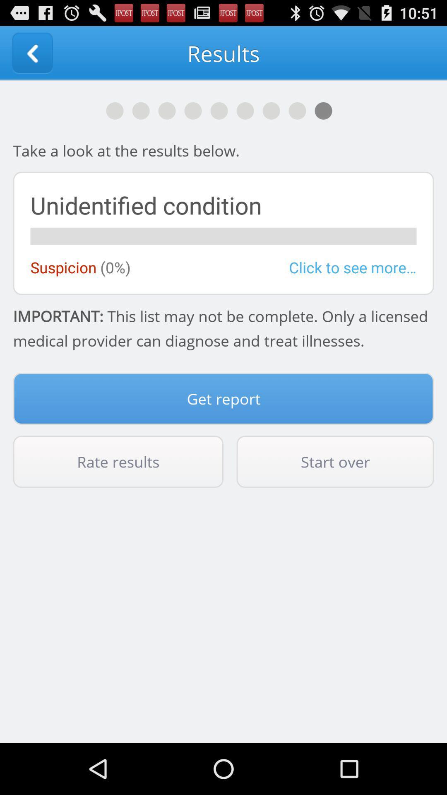 The height and width of the screenshot is (795, 447). I want to click on the icon get report, so click(223, 399).